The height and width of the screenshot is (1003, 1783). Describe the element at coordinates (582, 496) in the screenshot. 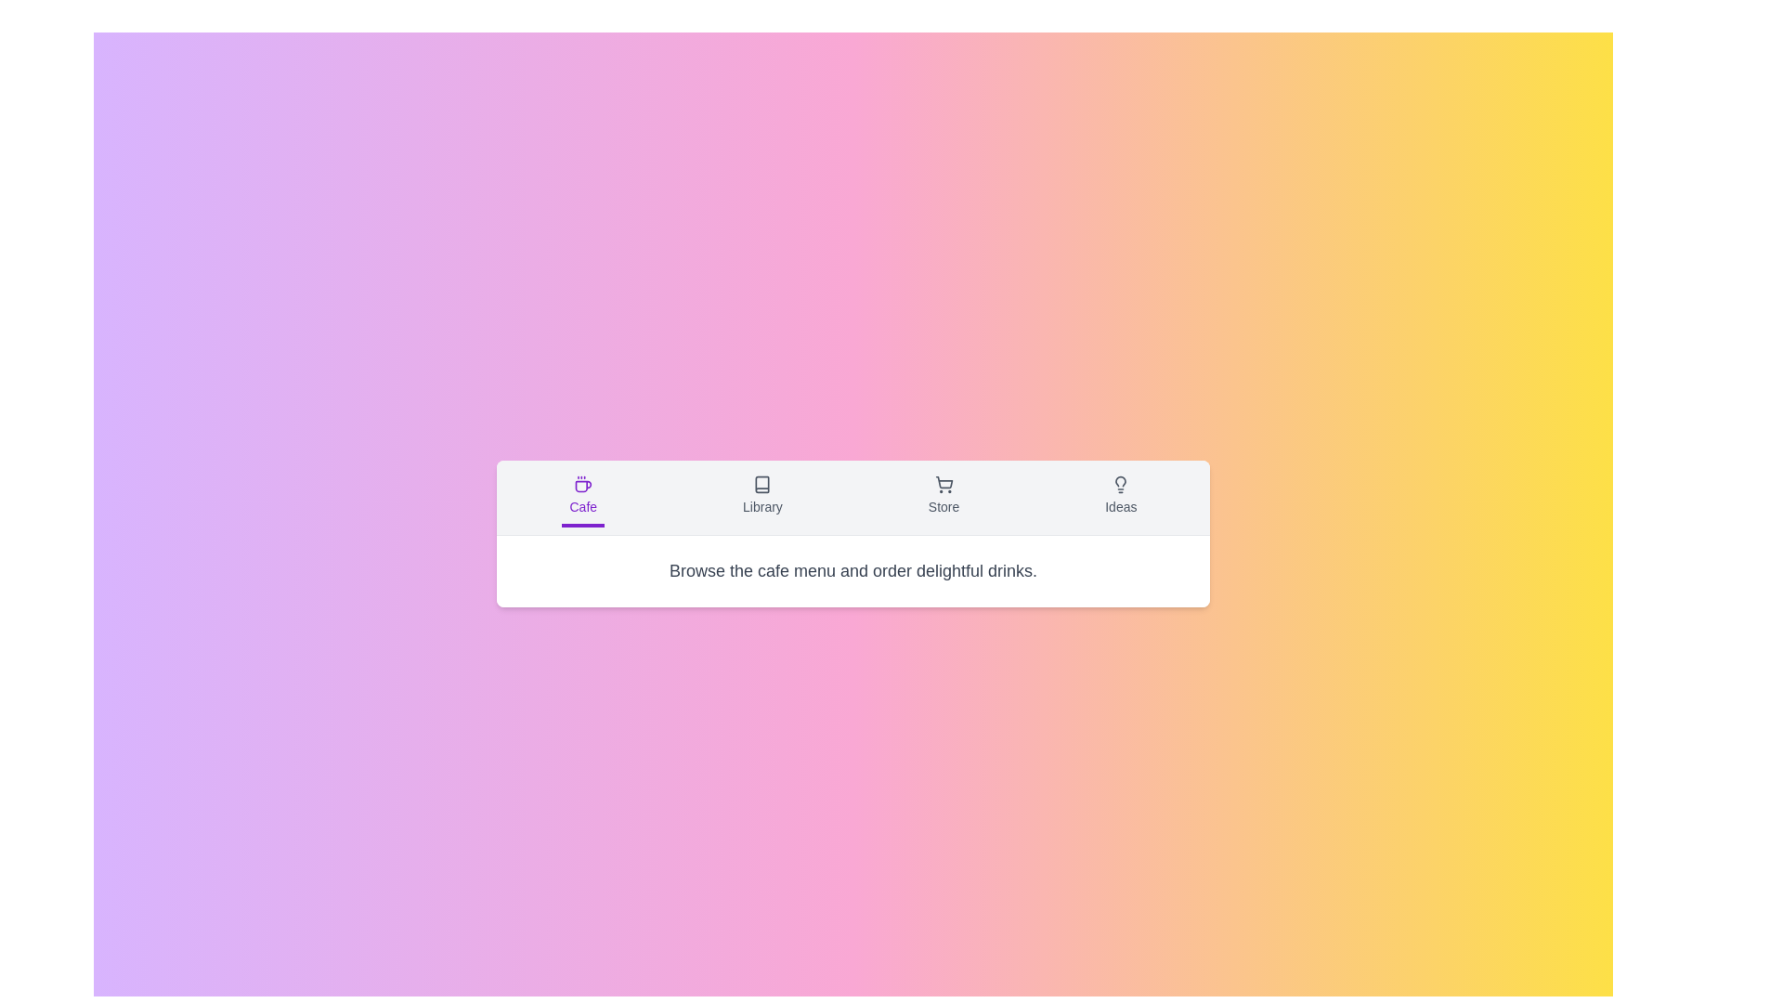

I see `the navigation button that accesses the 'Cafe' section, located first in the horizontal navigation bar to the left of 'Library', 'Store', and 'Ideas'` at that location.